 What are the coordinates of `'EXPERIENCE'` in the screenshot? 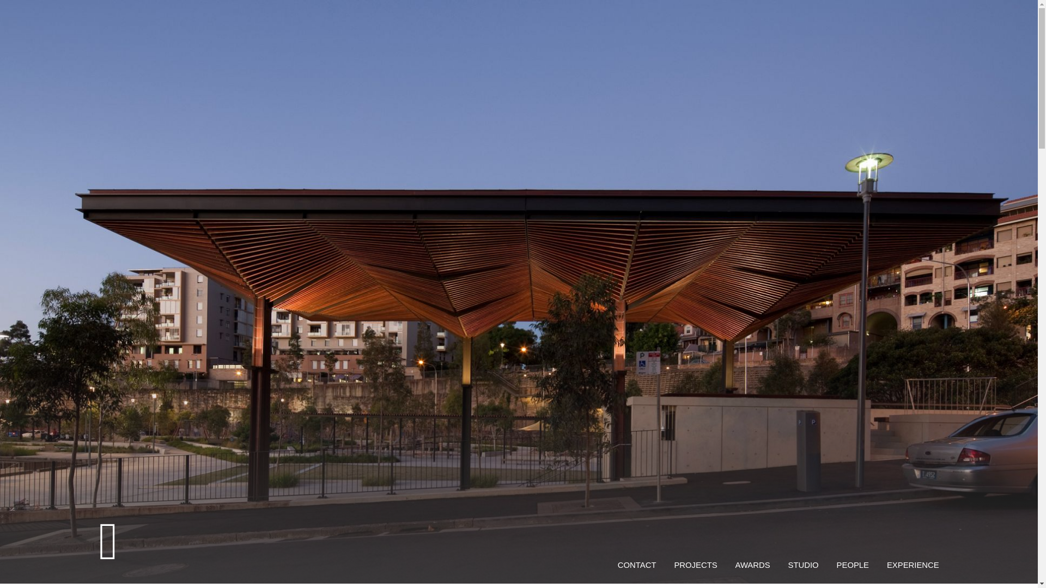 It's located at (913, 564).